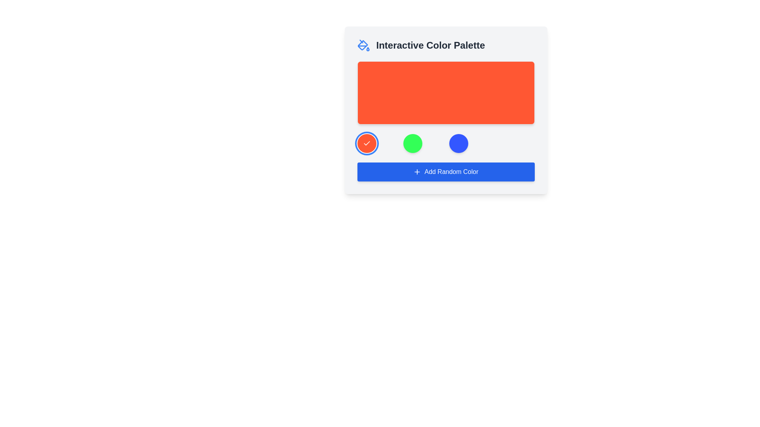 The image size is (760, 427). Describe the element at coordinates (362, 45) in the screenshot. I see `the small, blue-outlined paint bucket icon located near the top-left corner of the interface, adjacent to the title 'Interactive Color Palette'` at that location.